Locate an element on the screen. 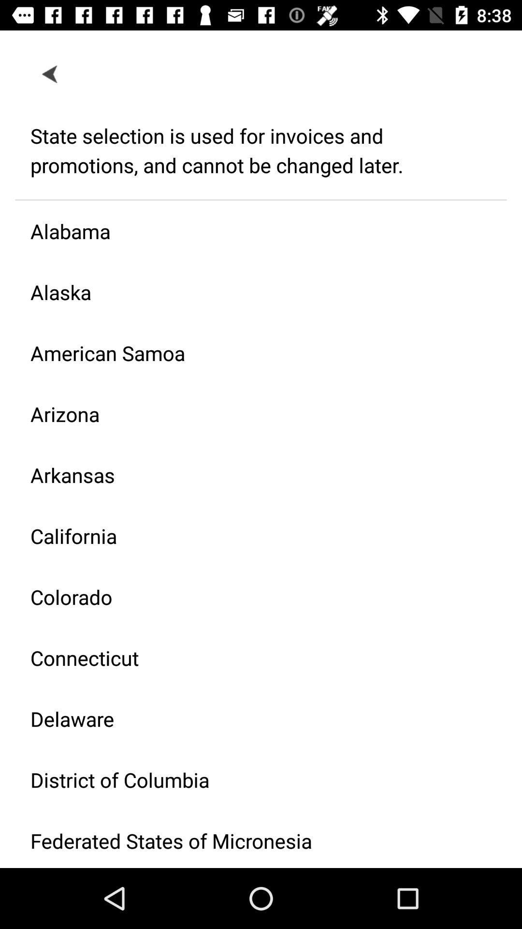  the california item is located at coordinates (253, 535).